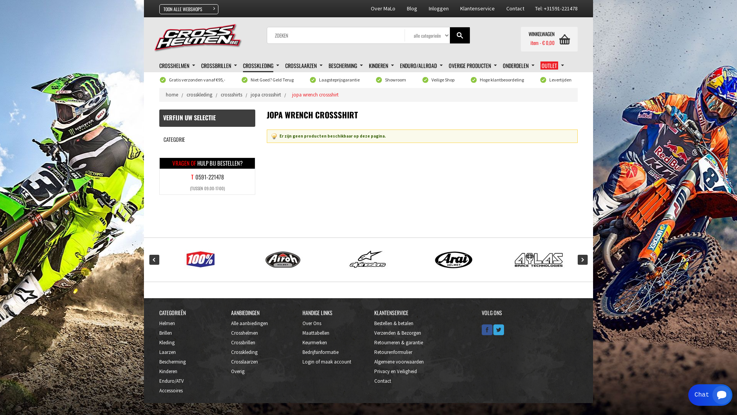 This screenshot has width=737, height=415. I want to click on 'Contact', so click(521, 8).